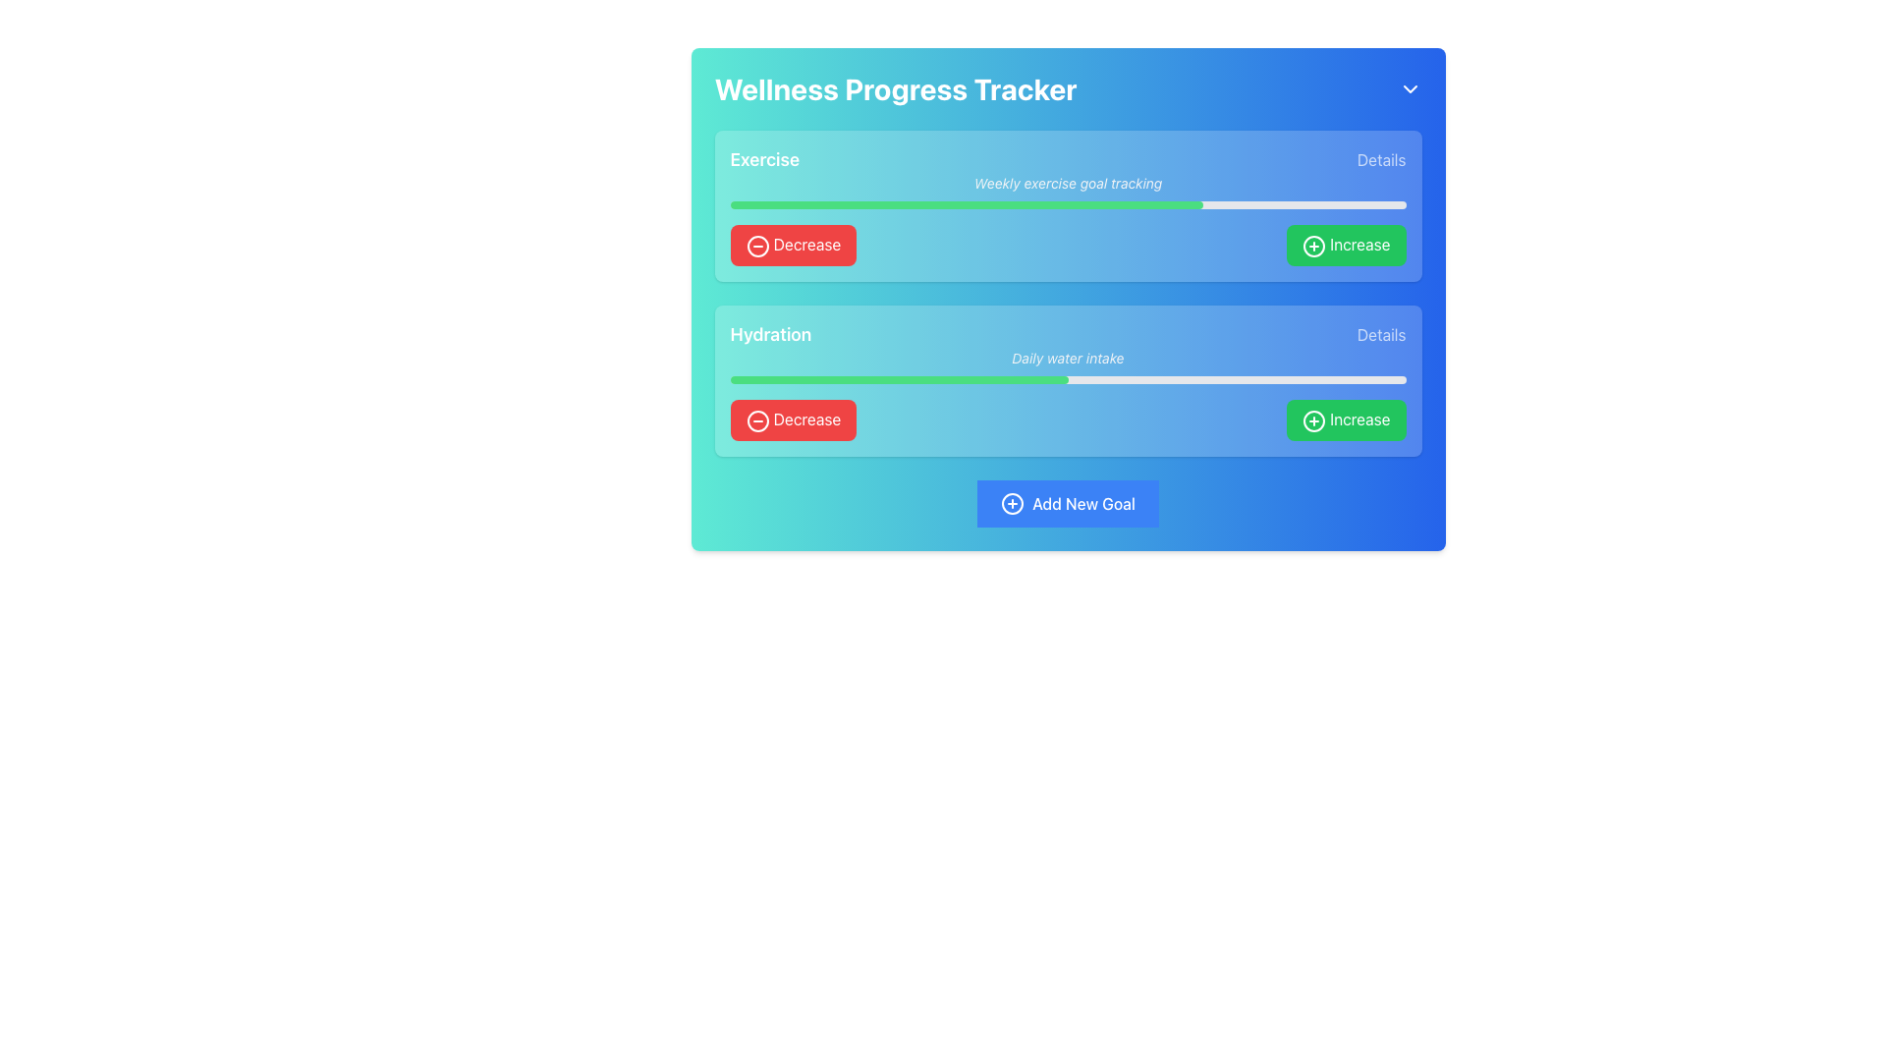  What do you see at coordinates (1313, 419) in the screenshot?
I see `the circular icon with a plus sign inside, which is centered within the green button labeled 'Increase'` at bounding box center [1313, 419].